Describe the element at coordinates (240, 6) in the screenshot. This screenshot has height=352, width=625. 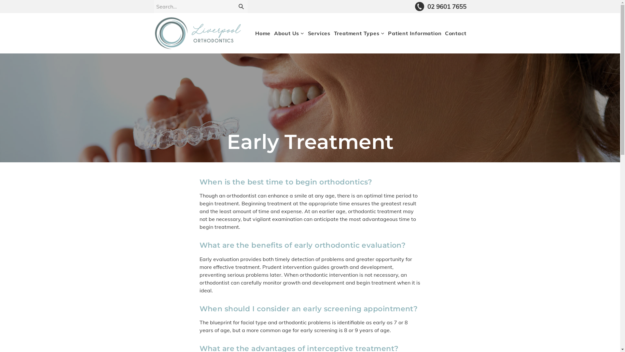
I see `'Search'` at that location.